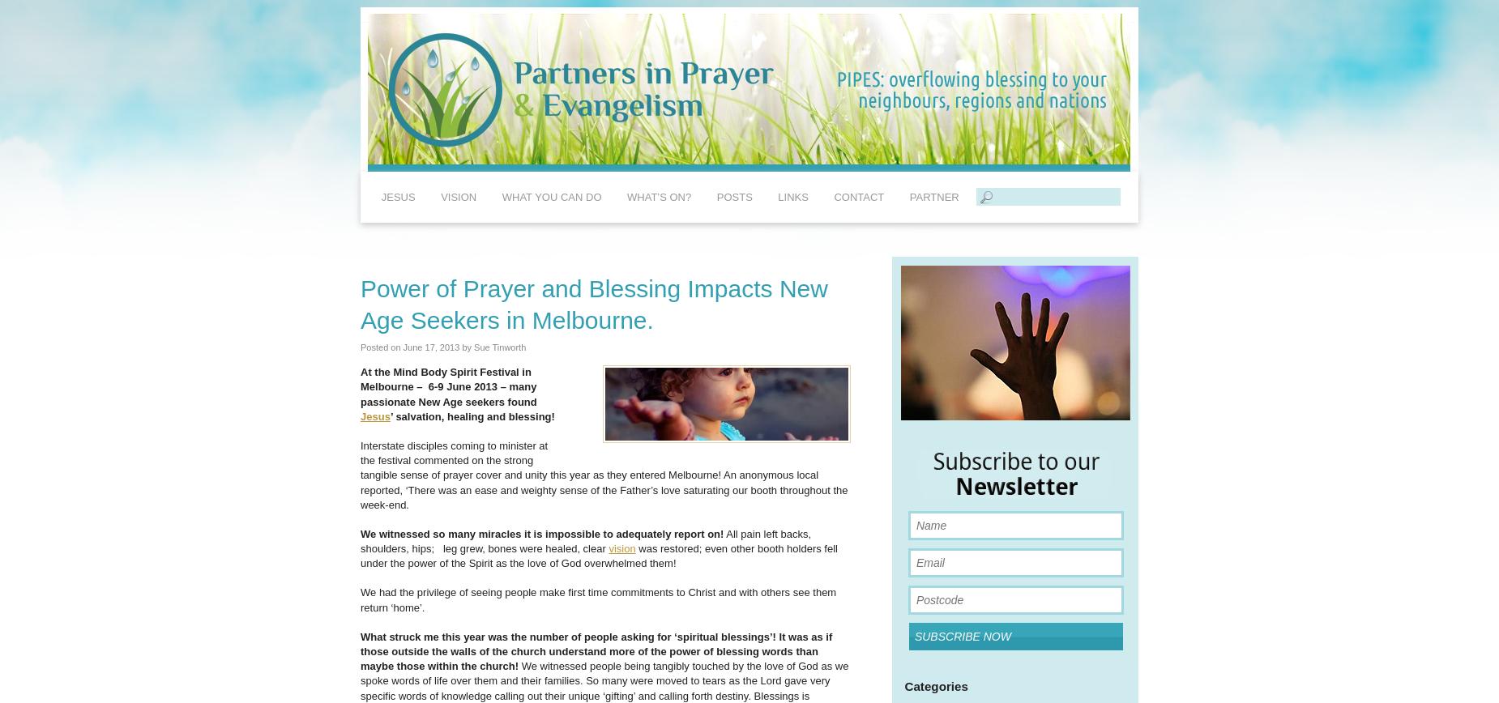 The image size is (1499, 703). What do you see at coordinates (934, 686) in the screenshot?
I see `'Categories'` at bounding box center [934, 686].